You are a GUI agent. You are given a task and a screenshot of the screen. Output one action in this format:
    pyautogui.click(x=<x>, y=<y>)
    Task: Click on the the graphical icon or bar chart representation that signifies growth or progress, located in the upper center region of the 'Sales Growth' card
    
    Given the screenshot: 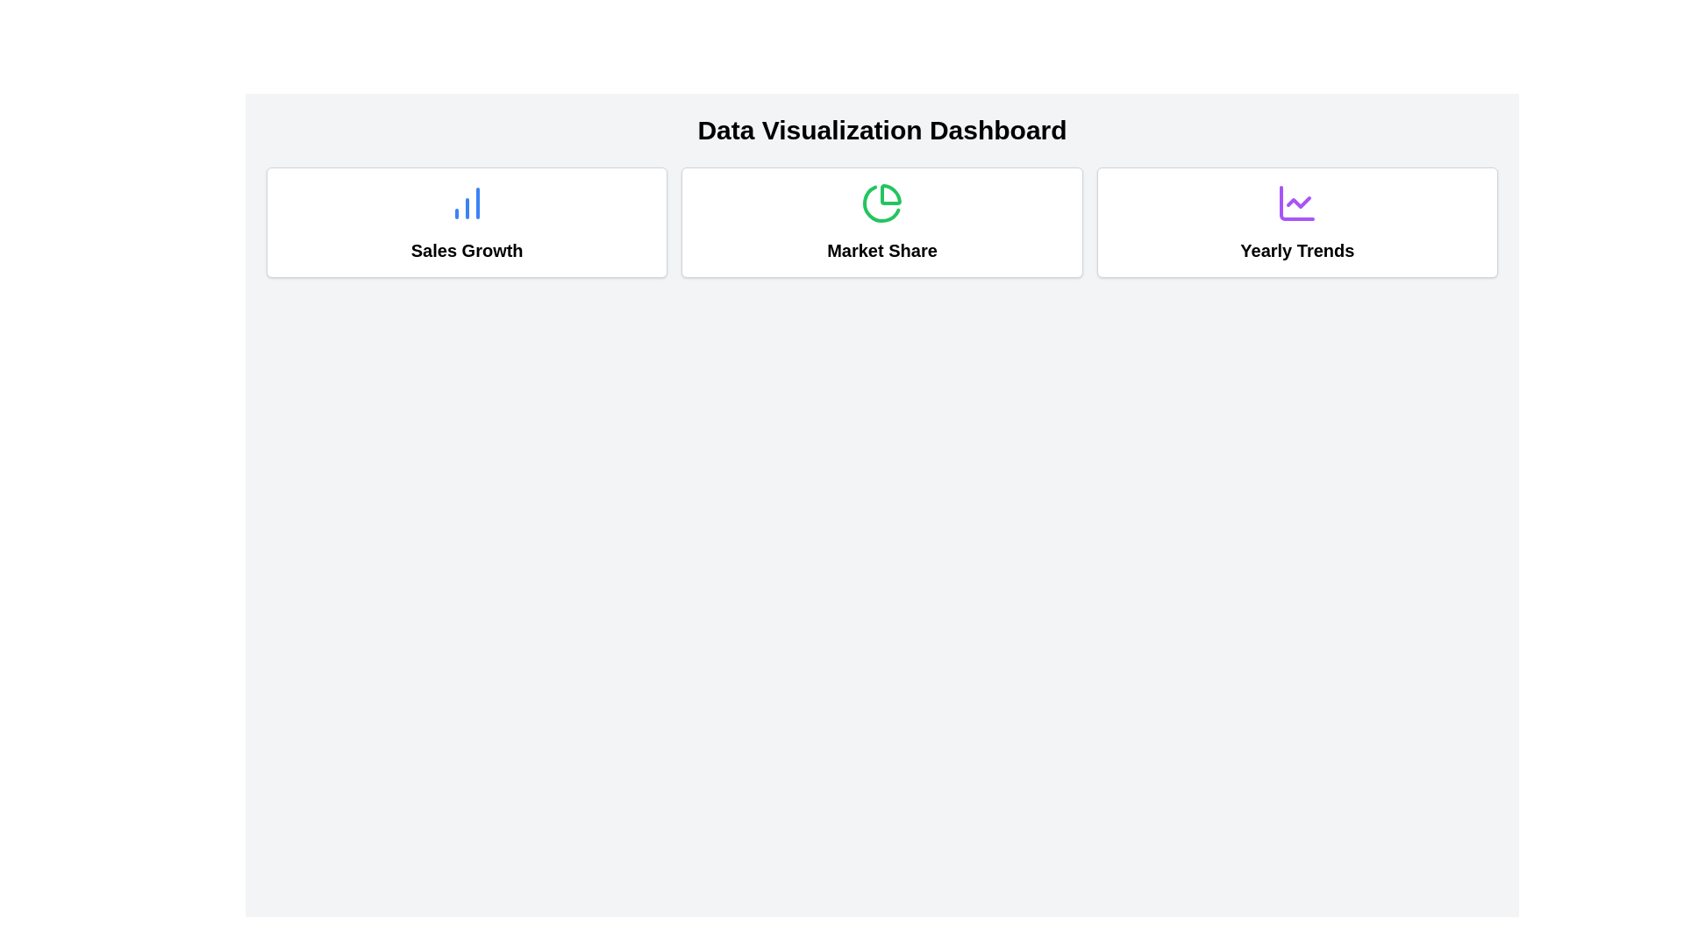 What is the action you would take?
    pyautogui.click(x=467, y=202)
    